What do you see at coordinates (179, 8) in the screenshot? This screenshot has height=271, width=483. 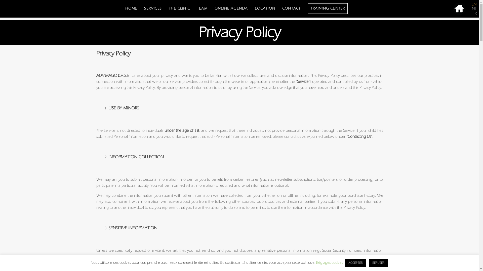 I see `'THE CLINIC'` at bounding box center [179, 8].